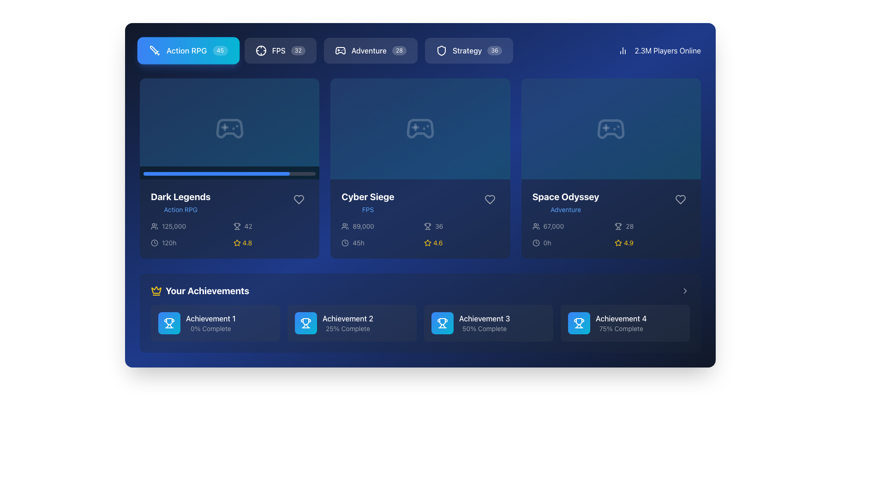  Describe the element at coordinates (153, 50) in the screenshot. I see `the iconic geometric shape representing the 'Action RPG' category indicator located in the top-left corner of the interface` at that location.